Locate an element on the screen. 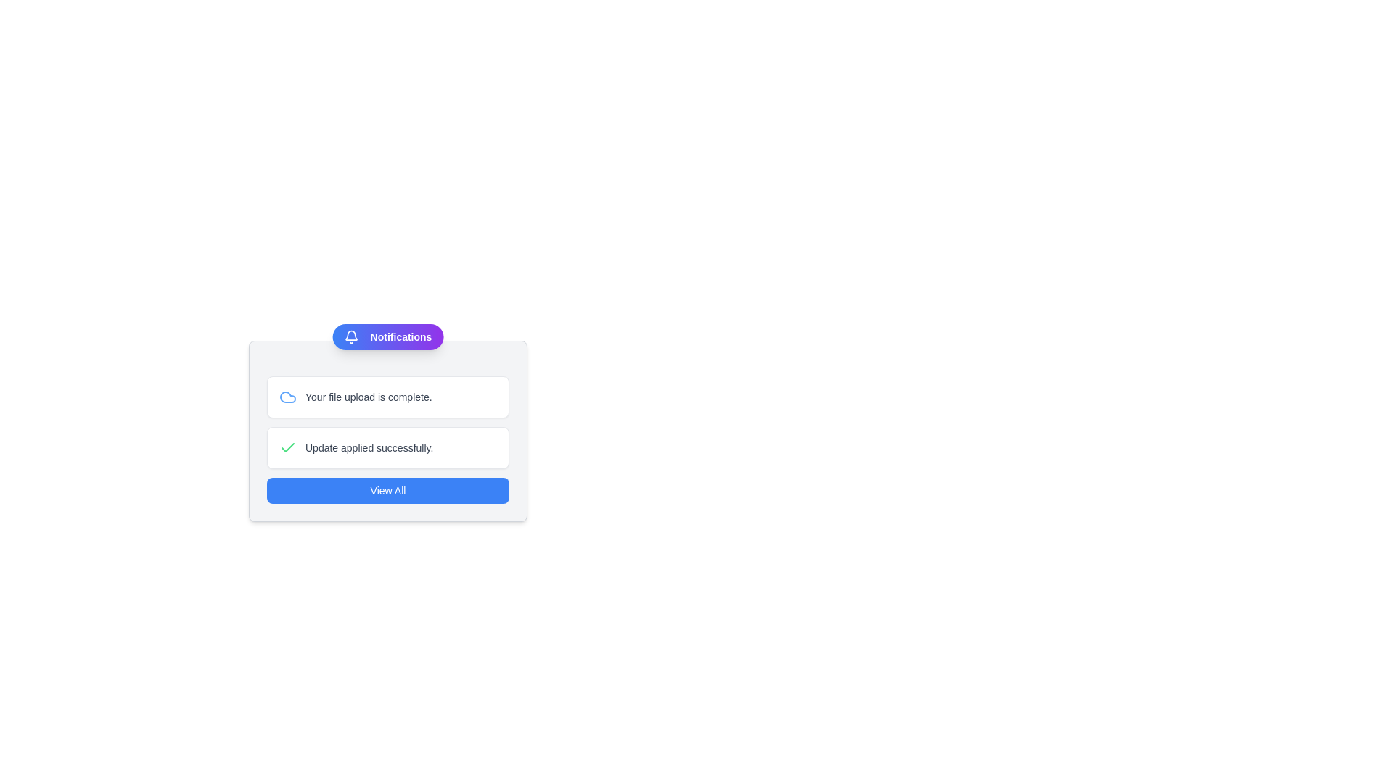 The width and height of the screenshot is (1393, 783). the call-to-action button located at the bottom of the notification card is located at coordinates (387, 490).